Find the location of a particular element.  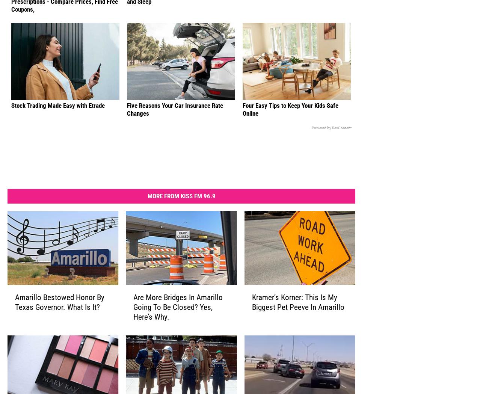

'Five Reasons Your Car Insurance Rate Changes' is located at coordinates (126, 121).